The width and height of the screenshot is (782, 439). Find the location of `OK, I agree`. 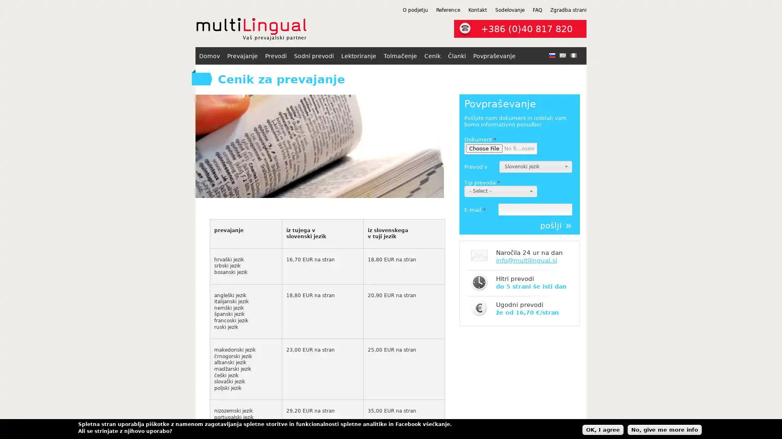

OK, I agree is located at coordinates (603, 429).